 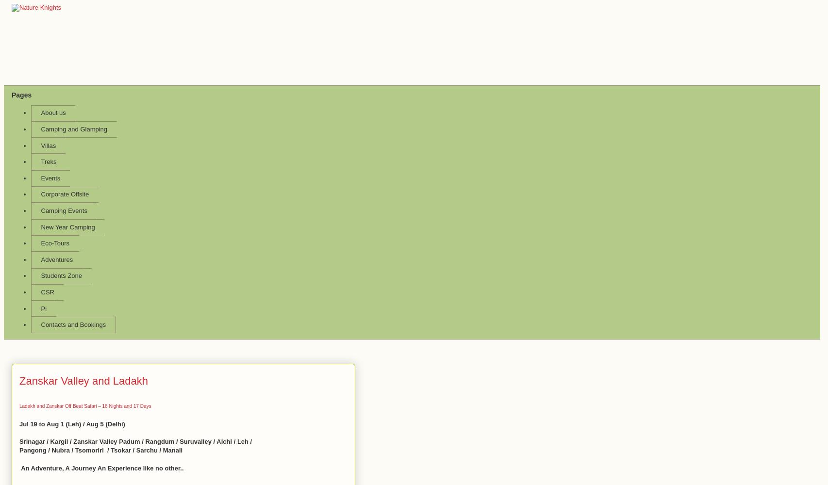 I want to click on 'Eco-Tours', so click(x=55, y=243).